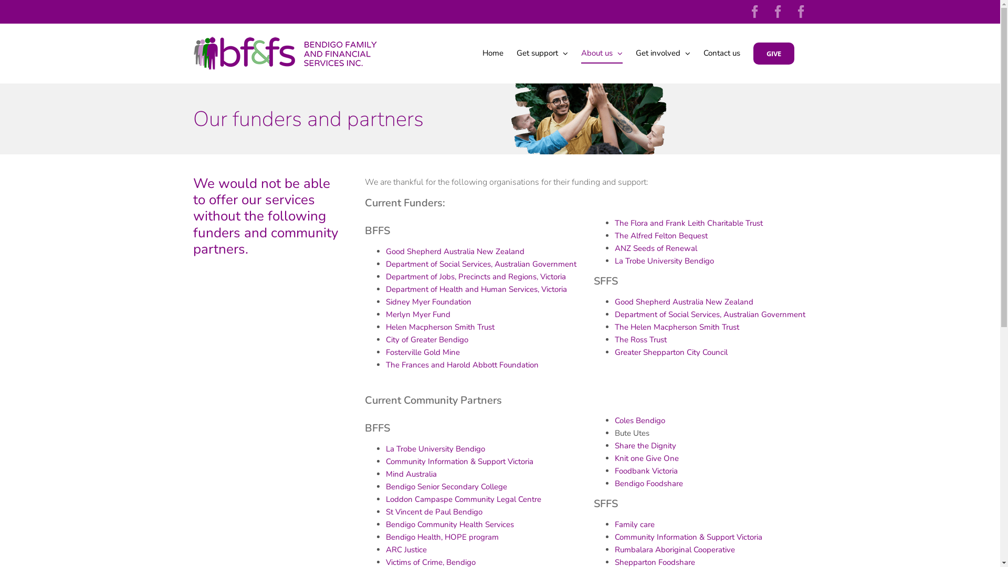 Image resolution: width=1008 pixels, height=567 pixels. I want to click on 'Contact us', so click(721, 53).